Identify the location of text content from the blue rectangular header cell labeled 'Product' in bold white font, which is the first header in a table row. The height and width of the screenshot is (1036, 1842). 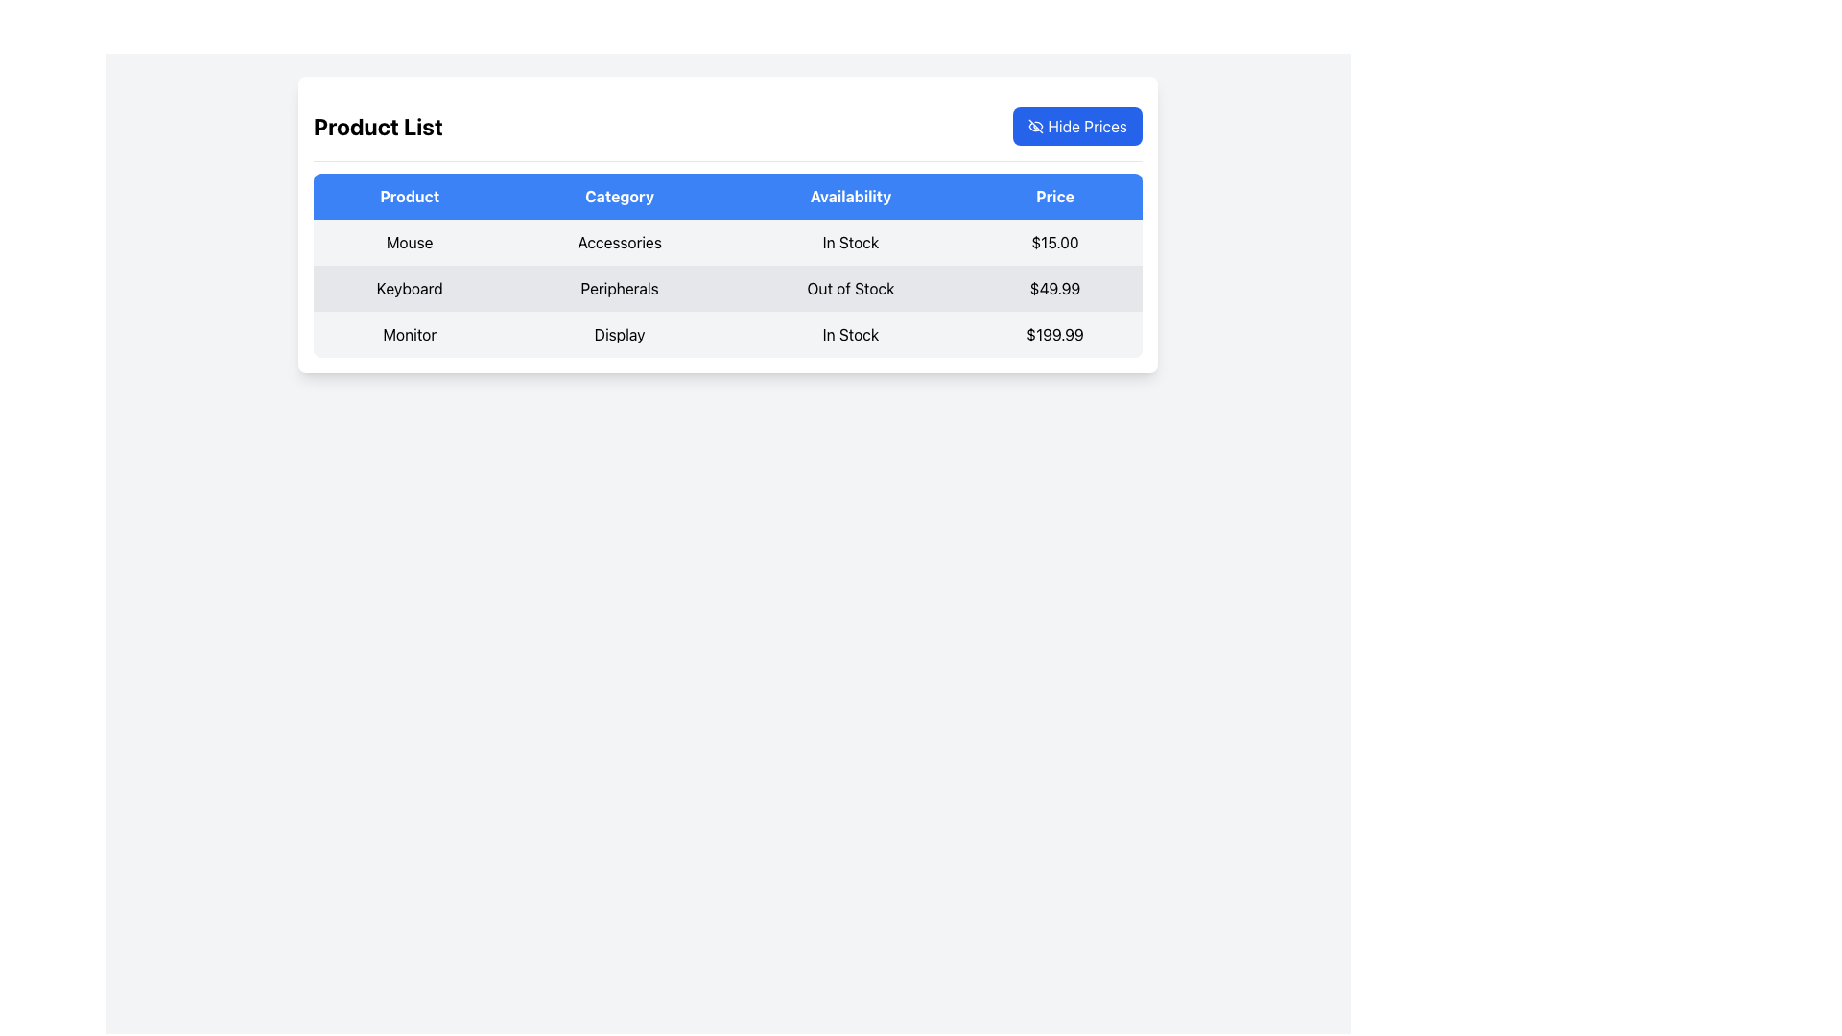
(409, 196).